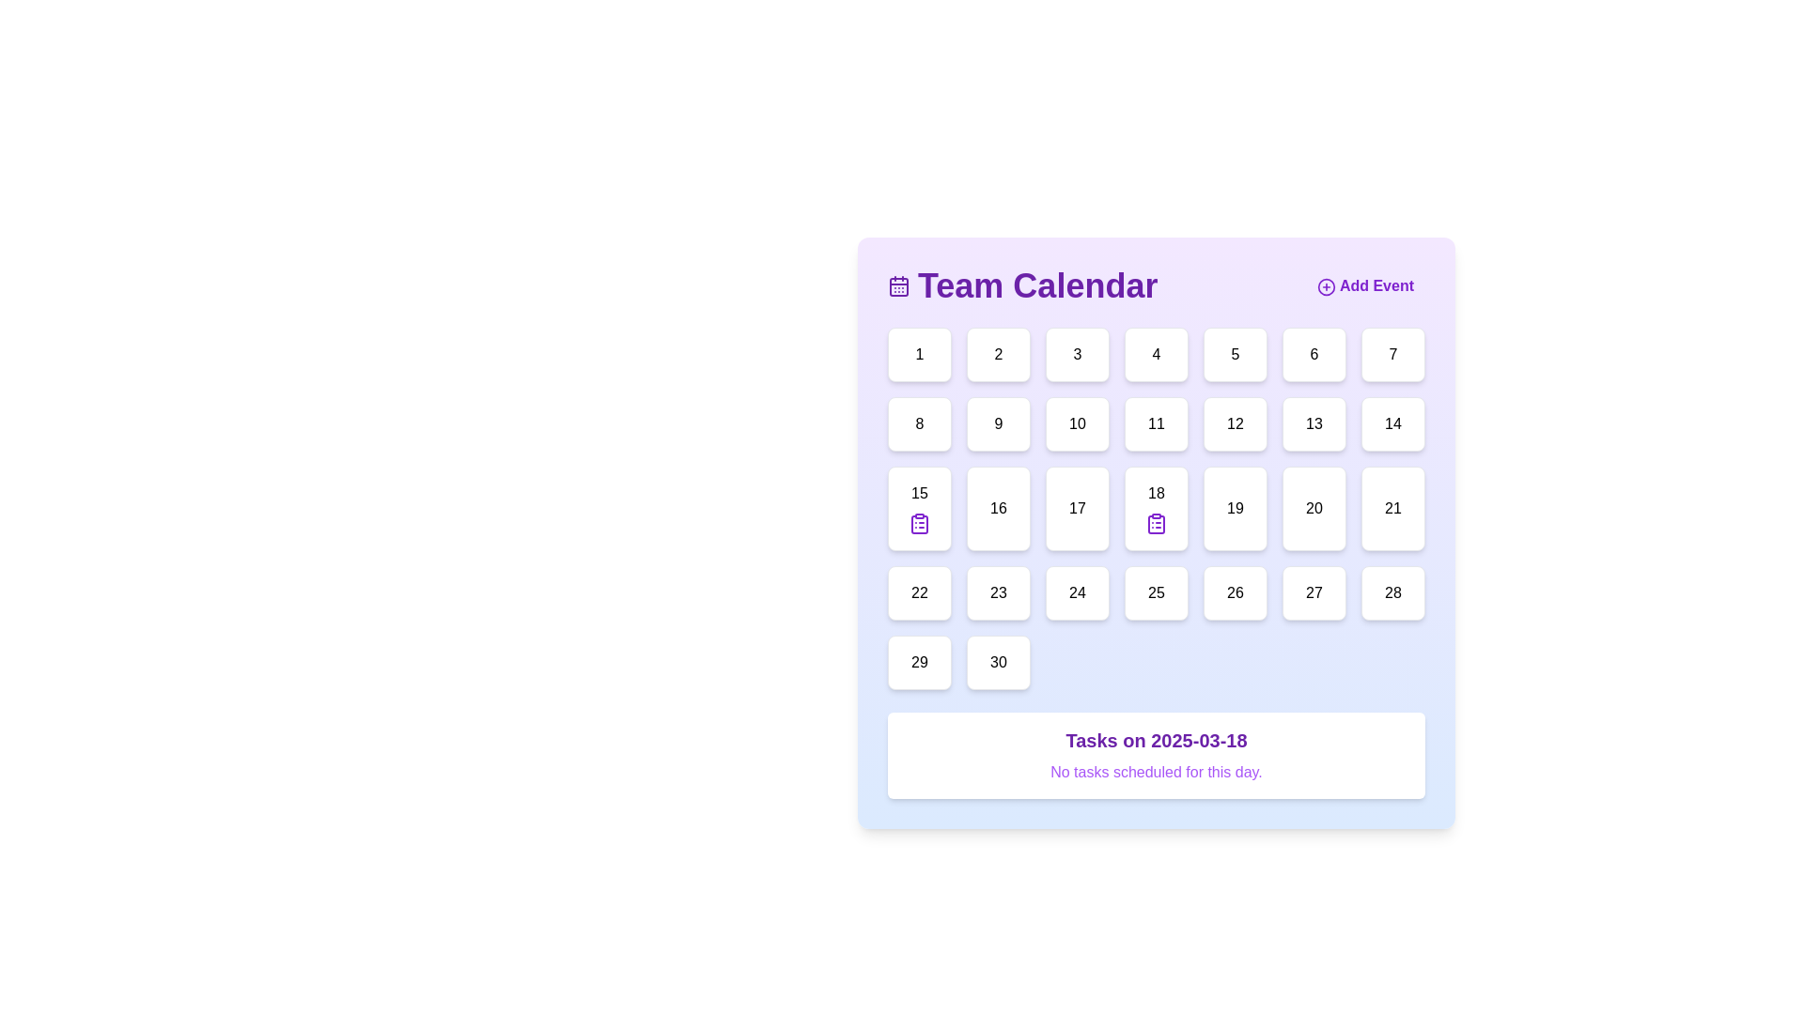 Image resolution: width=1804 pixels, height=1014 pixels. What do you see at coordinates (1155, 355) in the screenshot?
I see `the button representing the day '4' in the calendar interface` at bounding box center [1155, 355].